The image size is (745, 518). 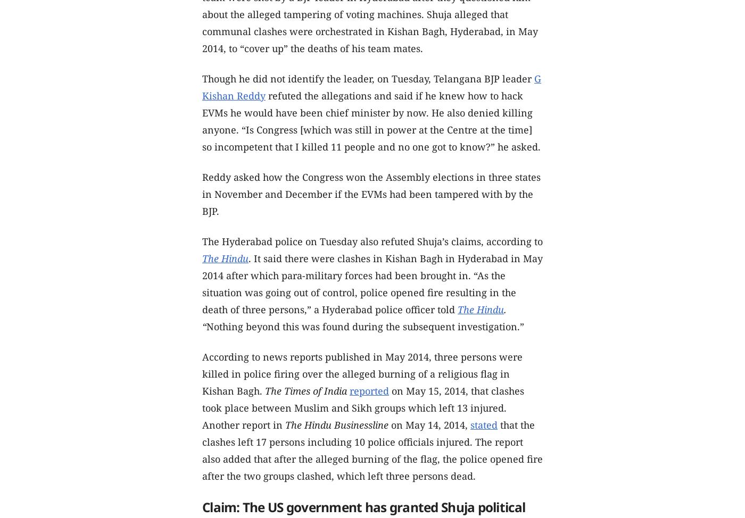 I want to click on '. It said there were clashes in Kishan Bagh in Hyderabad in May 2014 after which para-military forces had been brought in. “As the situation was going out of control, police opened fire resulting in the death of three persons,” a Hyderabad police officer told', so click(x=202, y=283).